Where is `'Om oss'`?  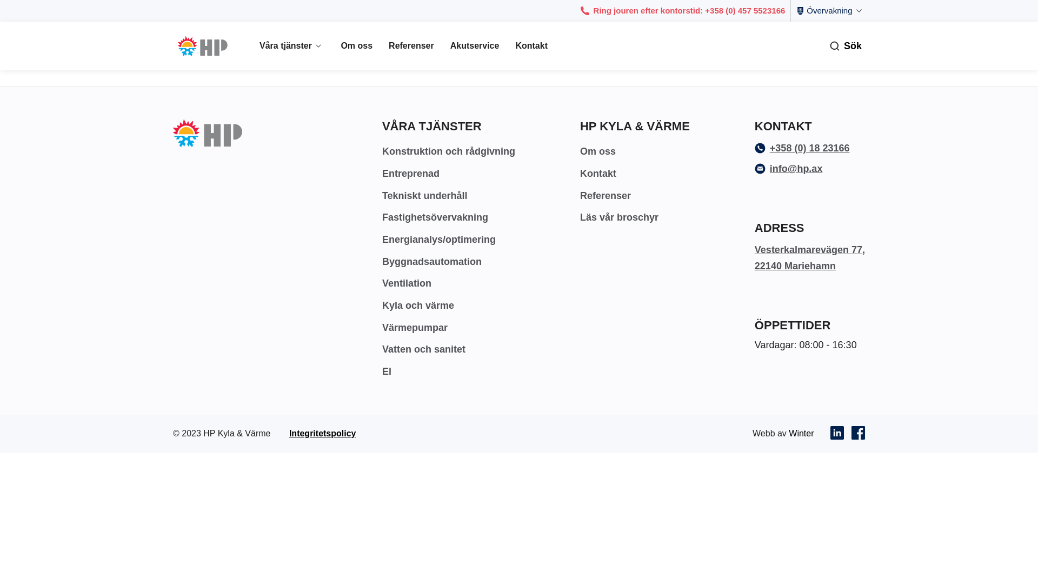
'Om oss' is located at coordinates (597, 151).